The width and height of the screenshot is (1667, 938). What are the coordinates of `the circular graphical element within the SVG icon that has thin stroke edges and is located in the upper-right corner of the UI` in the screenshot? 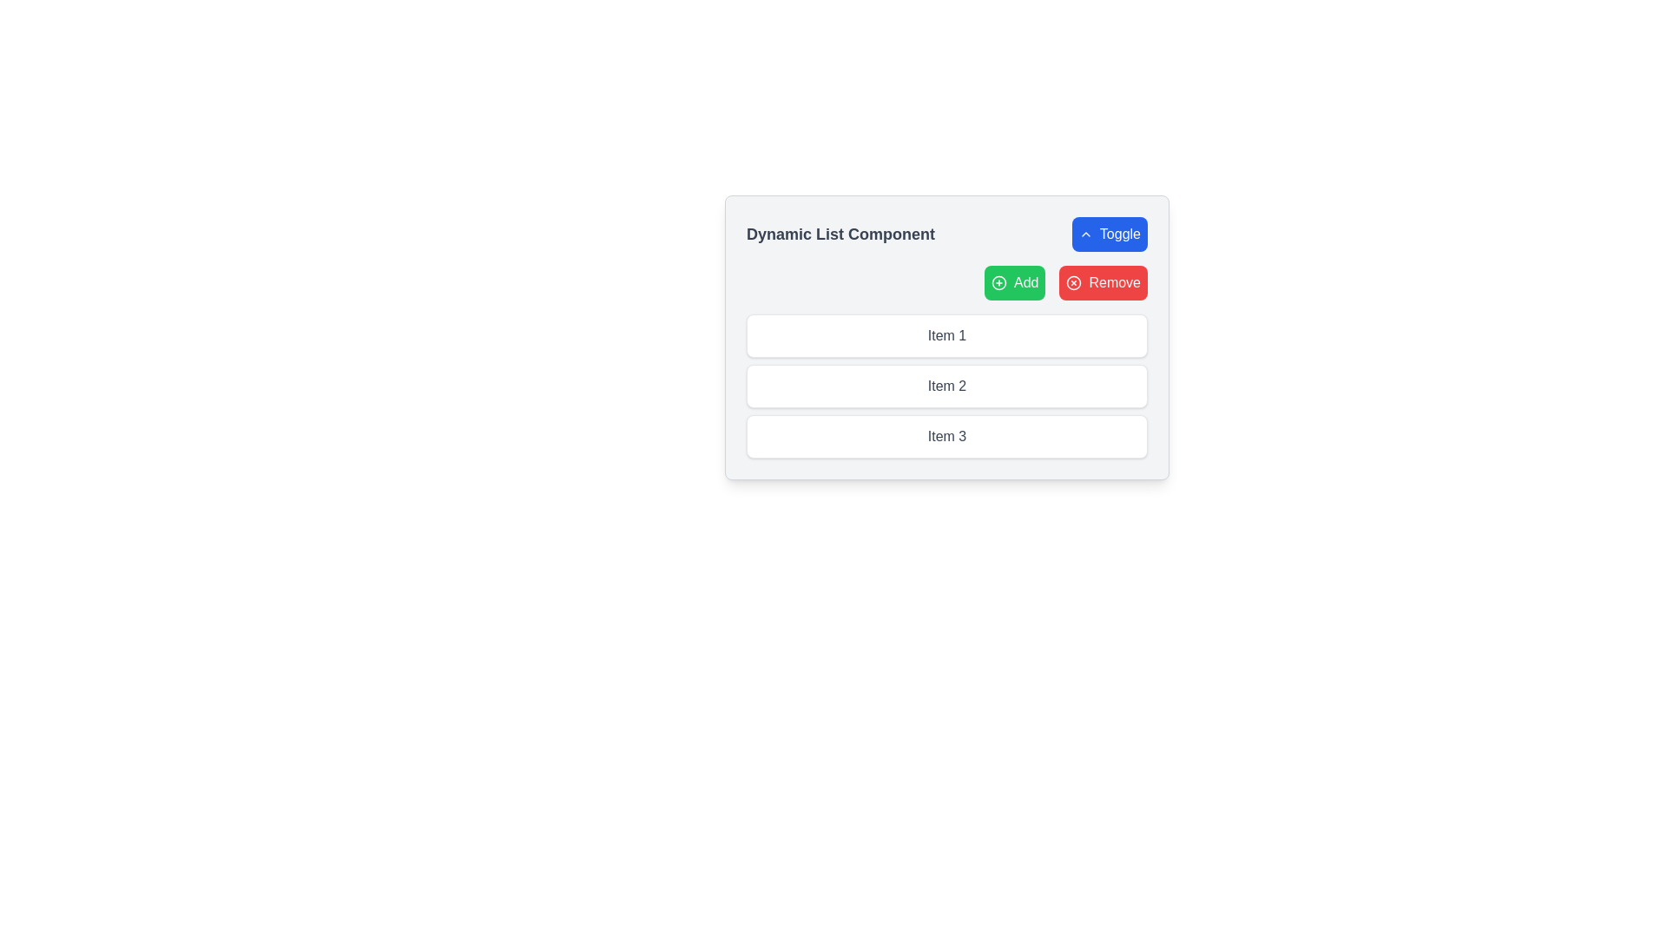 It's located at (1073, 282).